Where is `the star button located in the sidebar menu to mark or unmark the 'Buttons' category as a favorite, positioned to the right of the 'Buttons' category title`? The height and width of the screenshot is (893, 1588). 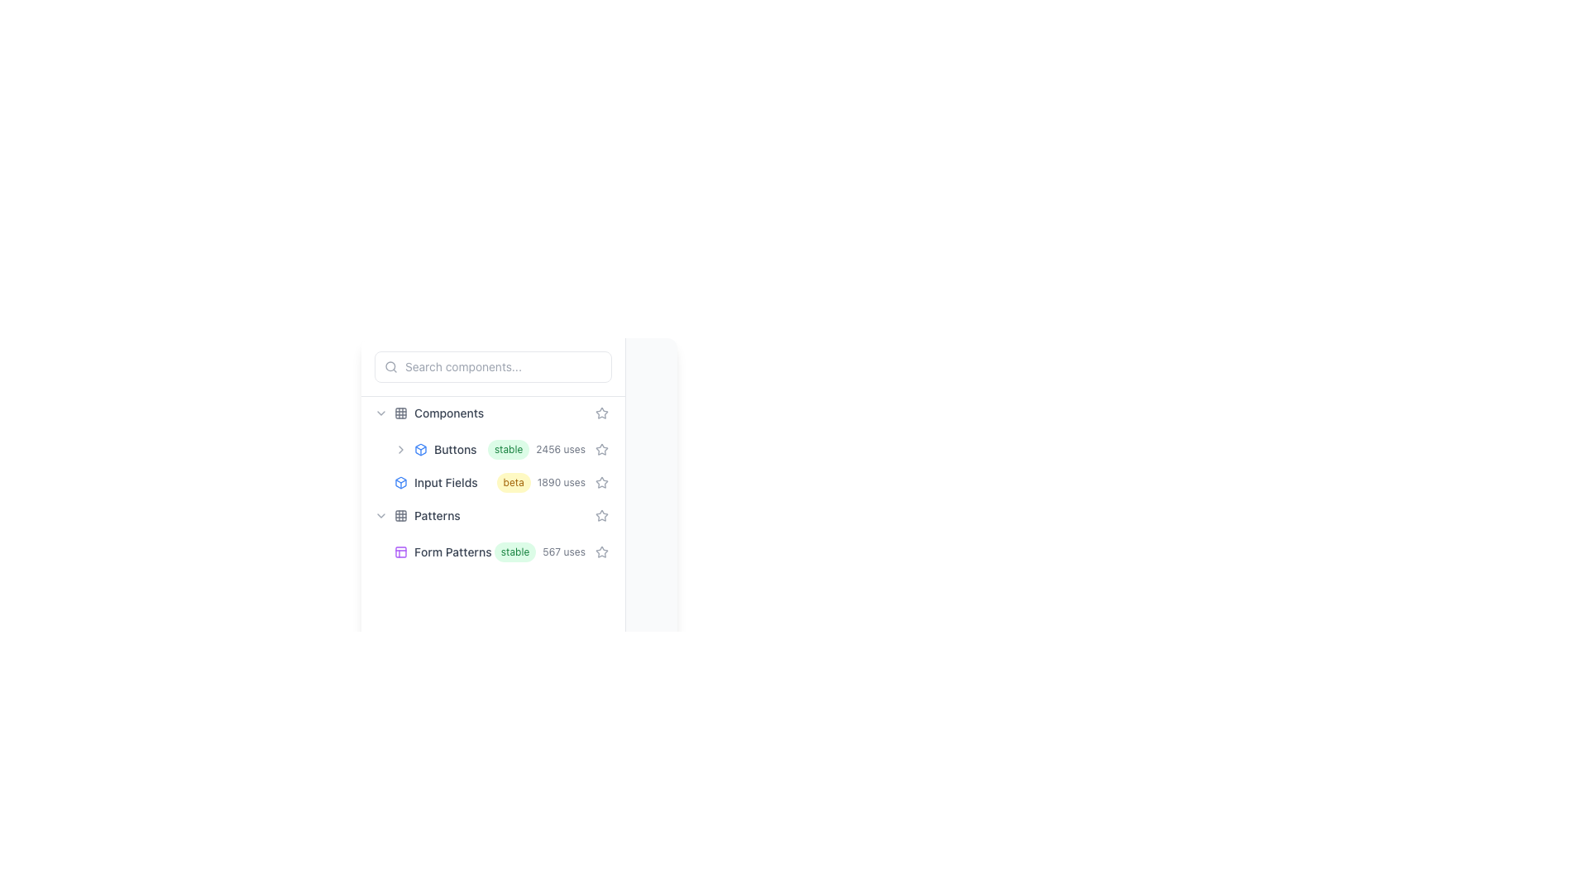 the star button located in the sidebar menu to mark or unmark the 'Buttons' category as a favorite, positioned to the right of the 'Buttons' category title is located at coordinates (601, 413).